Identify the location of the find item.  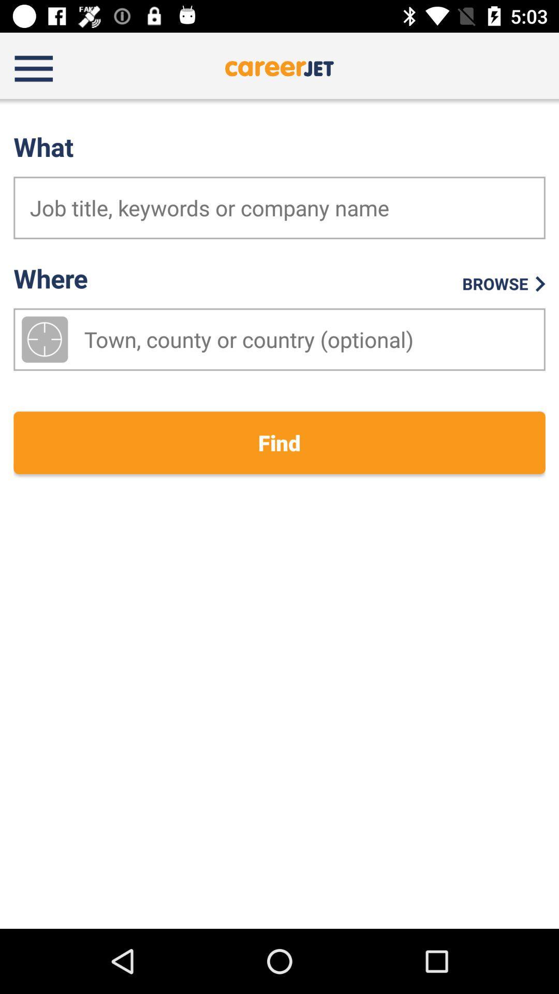
(279, 443).